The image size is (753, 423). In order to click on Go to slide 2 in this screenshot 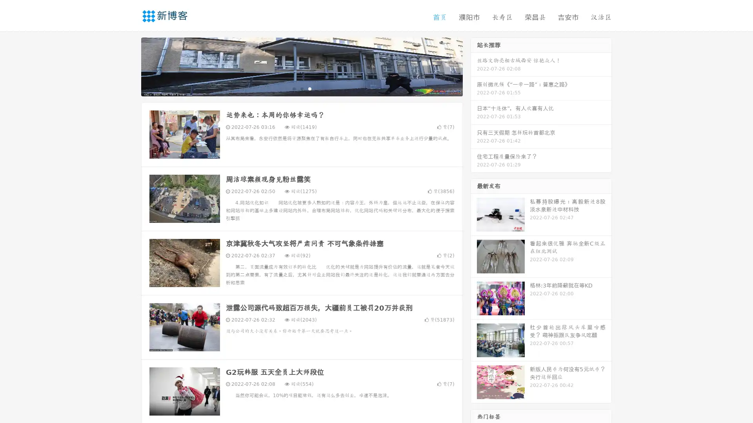, I will do `click(301, 88)`.